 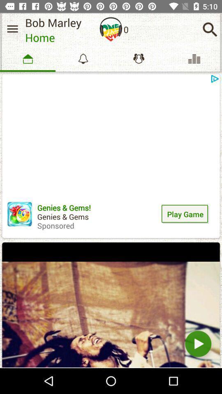 What do you see at coordinates (198, 344) in the screenshot?
I see `the play icon` at bounding box center [198, 344].